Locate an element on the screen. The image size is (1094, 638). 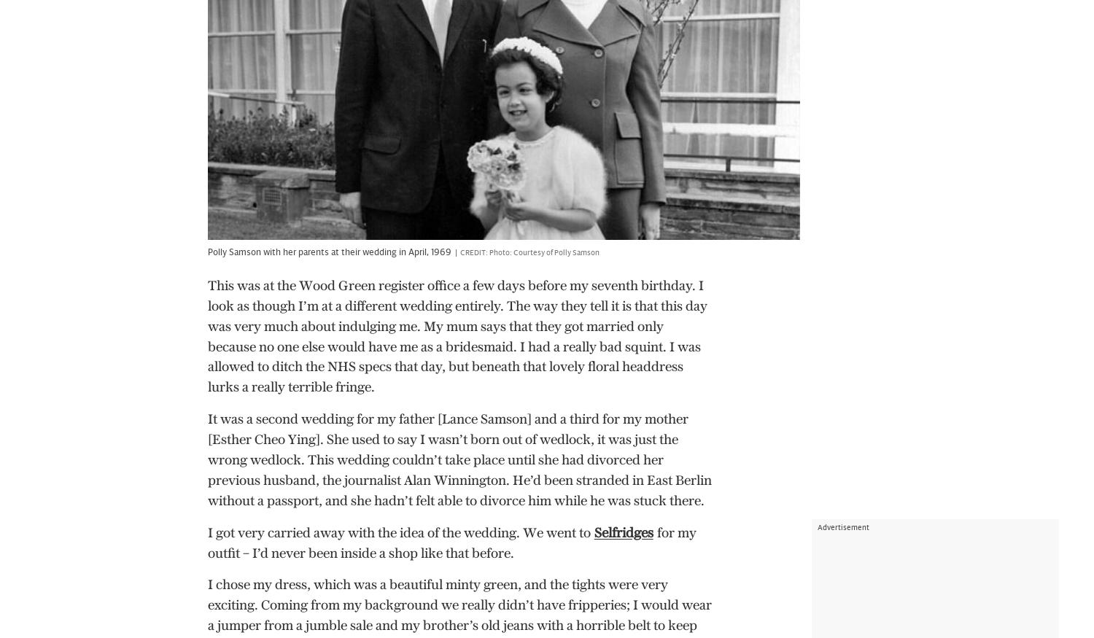
'Modern Slavery' is located at coordinates (253, 510).